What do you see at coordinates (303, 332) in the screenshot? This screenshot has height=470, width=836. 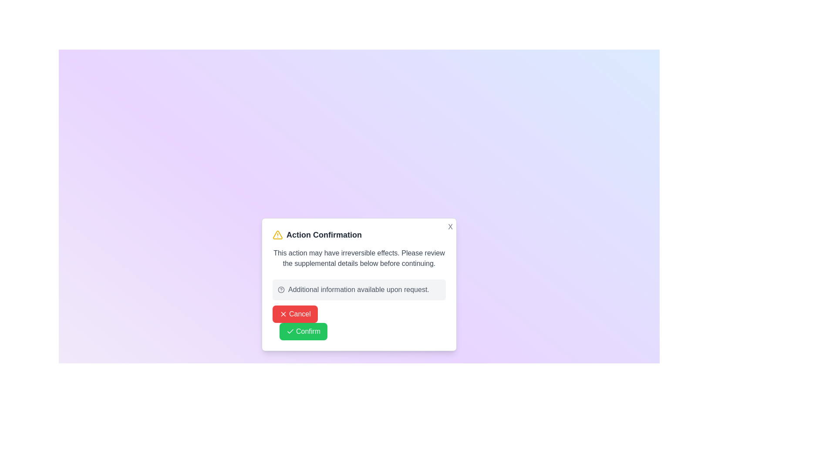 I see `the 'Confirm' button with a green background and white text` at bounding box center [303, 332].